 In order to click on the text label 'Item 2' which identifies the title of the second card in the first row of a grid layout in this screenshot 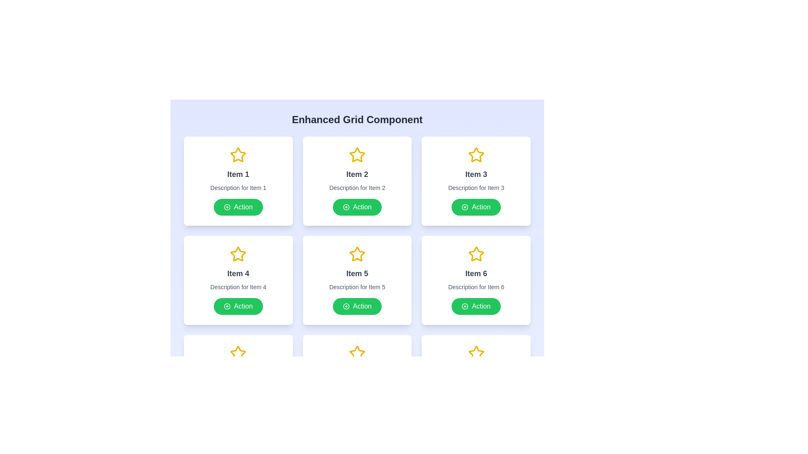, I will do `click(357, 174)`.